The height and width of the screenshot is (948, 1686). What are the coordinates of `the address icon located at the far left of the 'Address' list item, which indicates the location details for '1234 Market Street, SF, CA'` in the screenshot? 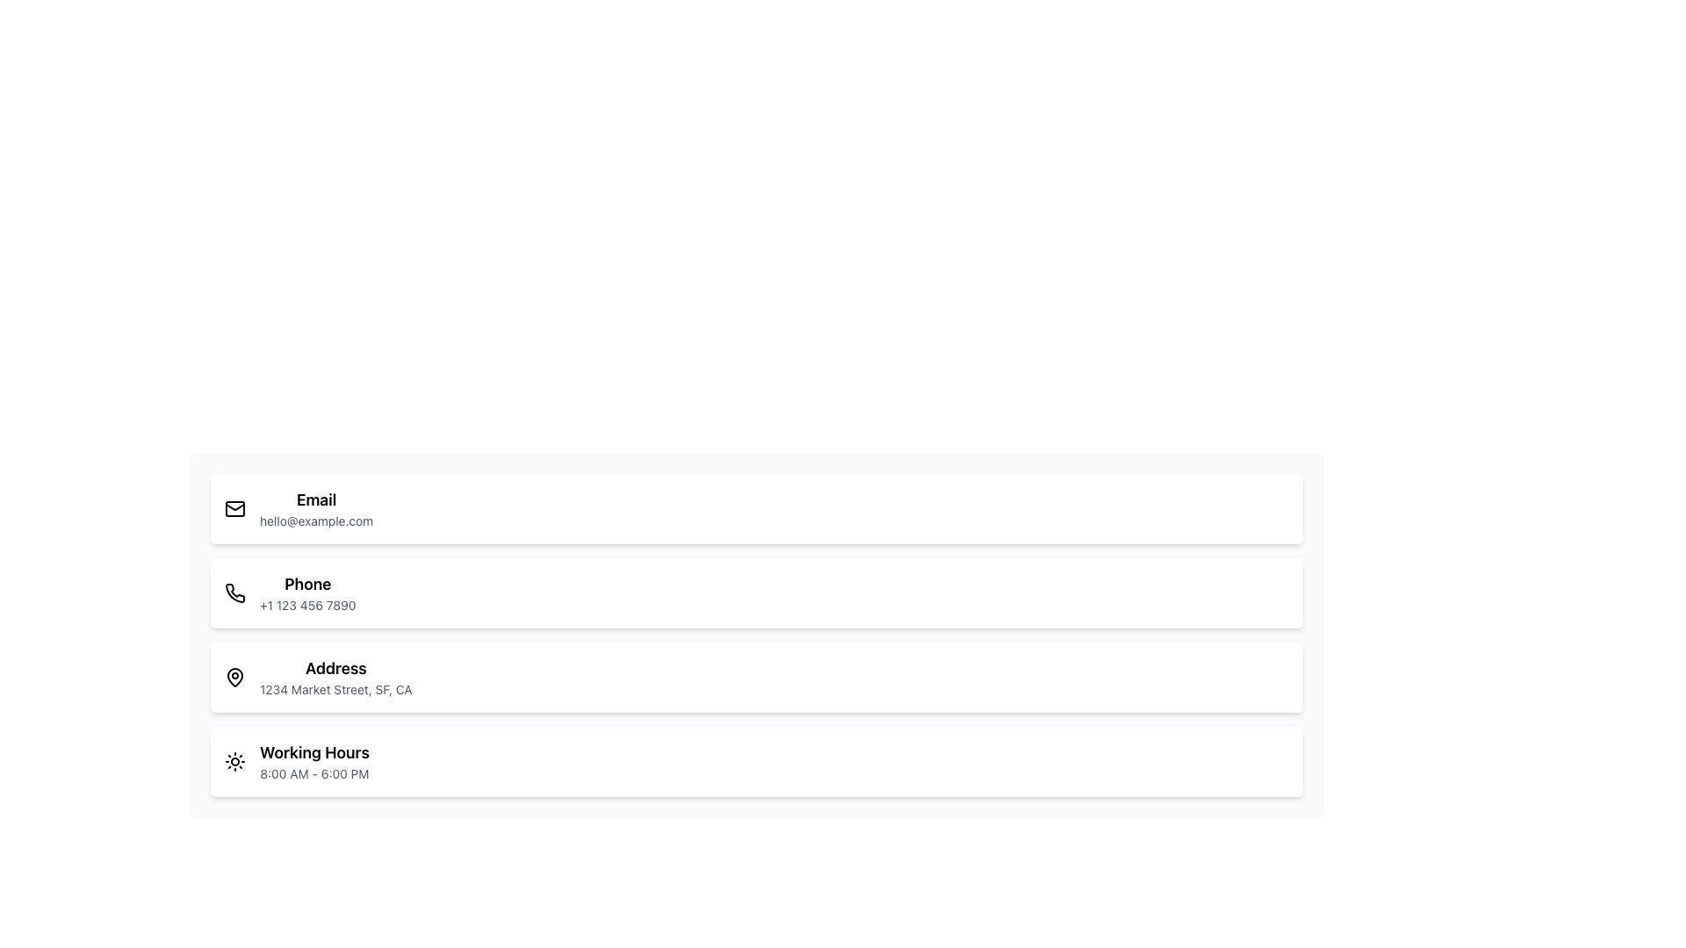 It's located at (234, 676).